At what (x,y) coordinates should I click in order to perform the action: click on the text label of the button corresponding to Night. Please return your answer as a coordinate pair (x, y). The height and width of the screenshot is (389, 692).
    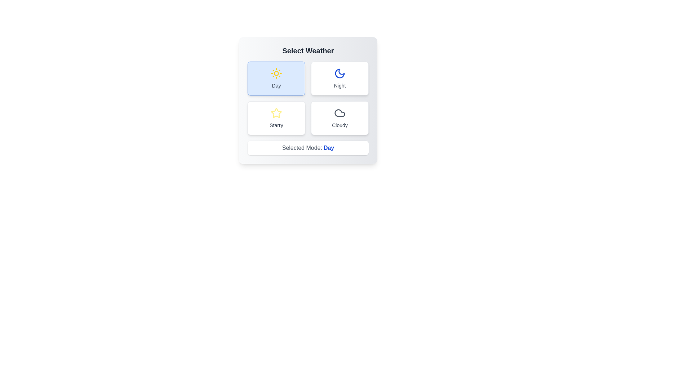
    Looking at the image, I should click on (339, 85).